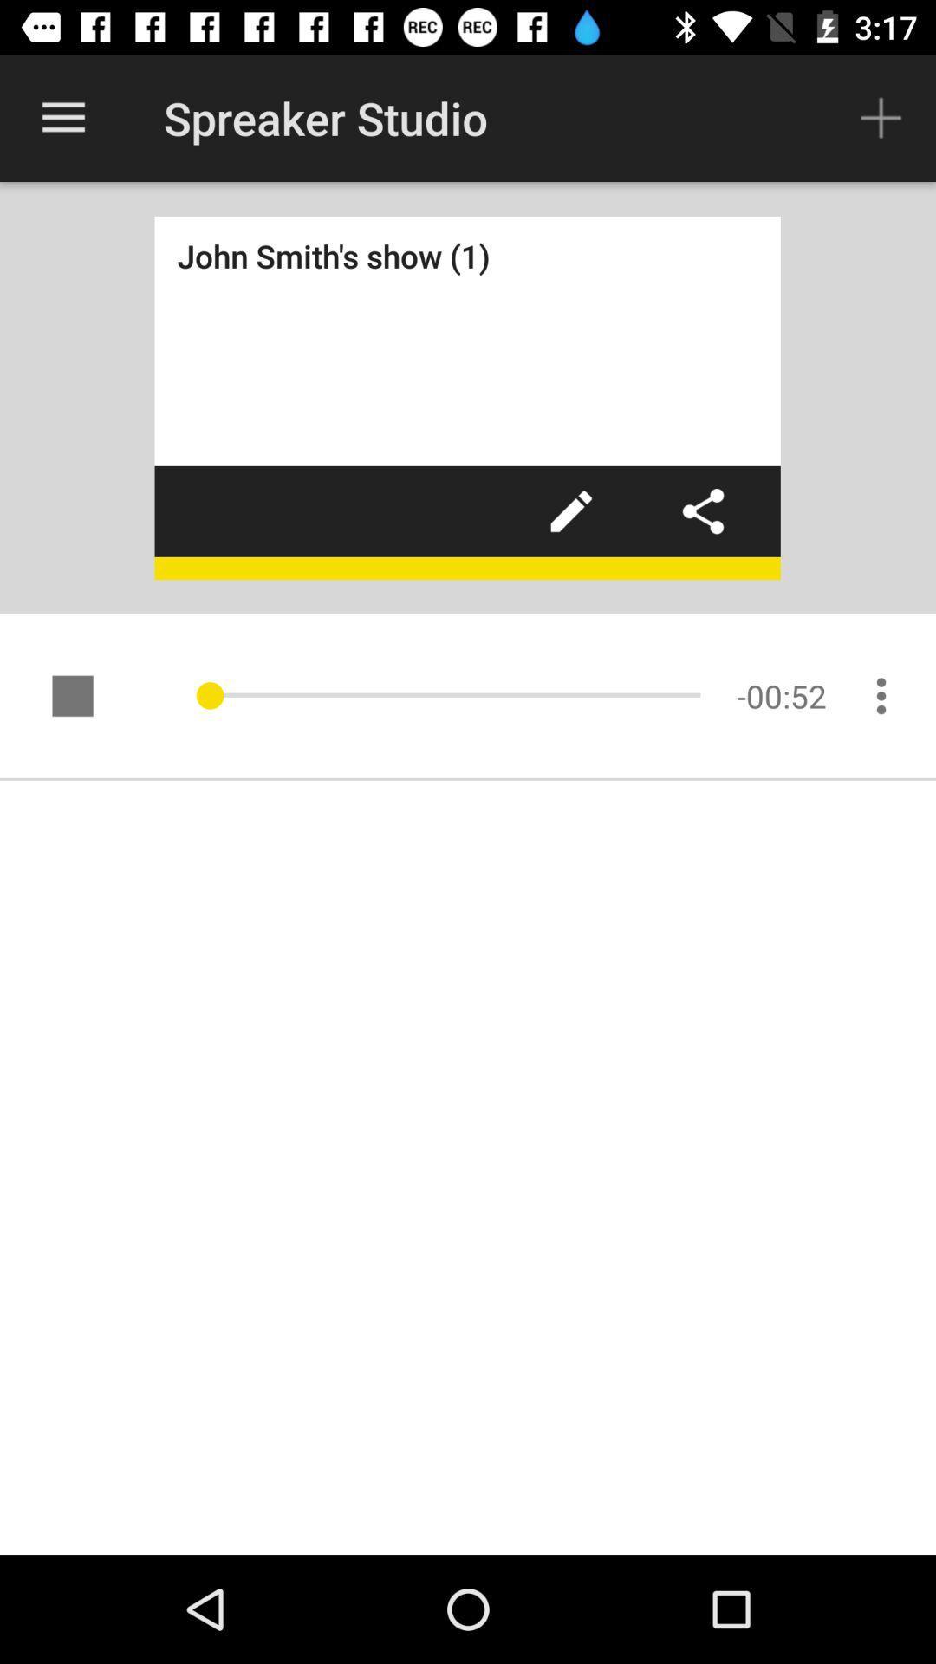  I want to click on the share icon, so click(703, 510).